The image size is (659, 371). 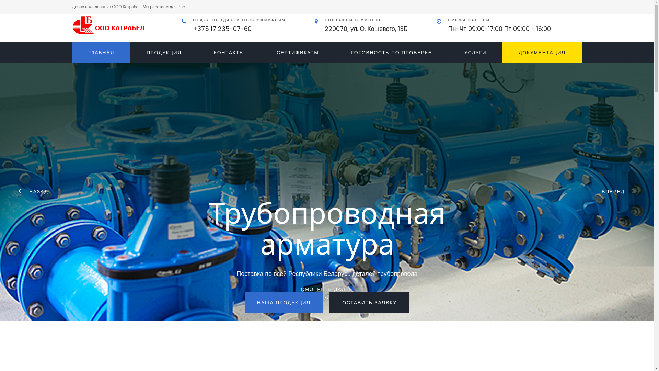 I want to click on '+375 17 235-07-60', so click(x=222, y=28).